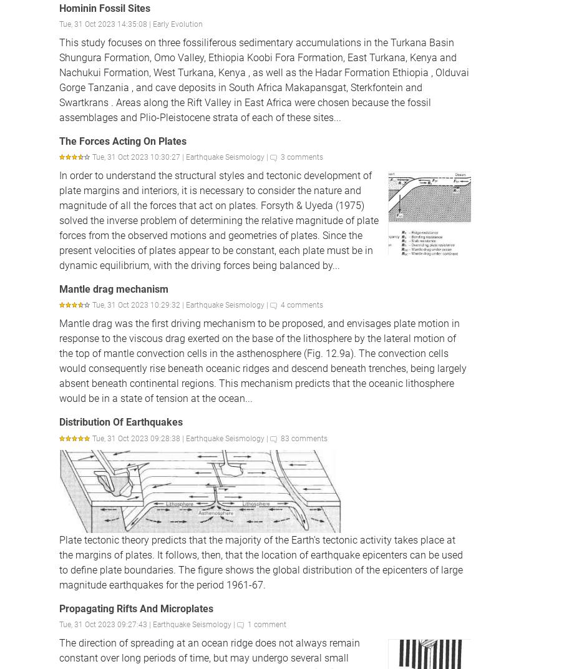 This screenshot has height=669, width=564. What do you see at coordinates (267, 624) in the screenshot?
I see `'1 comment'` at bounding box center [267, 624].